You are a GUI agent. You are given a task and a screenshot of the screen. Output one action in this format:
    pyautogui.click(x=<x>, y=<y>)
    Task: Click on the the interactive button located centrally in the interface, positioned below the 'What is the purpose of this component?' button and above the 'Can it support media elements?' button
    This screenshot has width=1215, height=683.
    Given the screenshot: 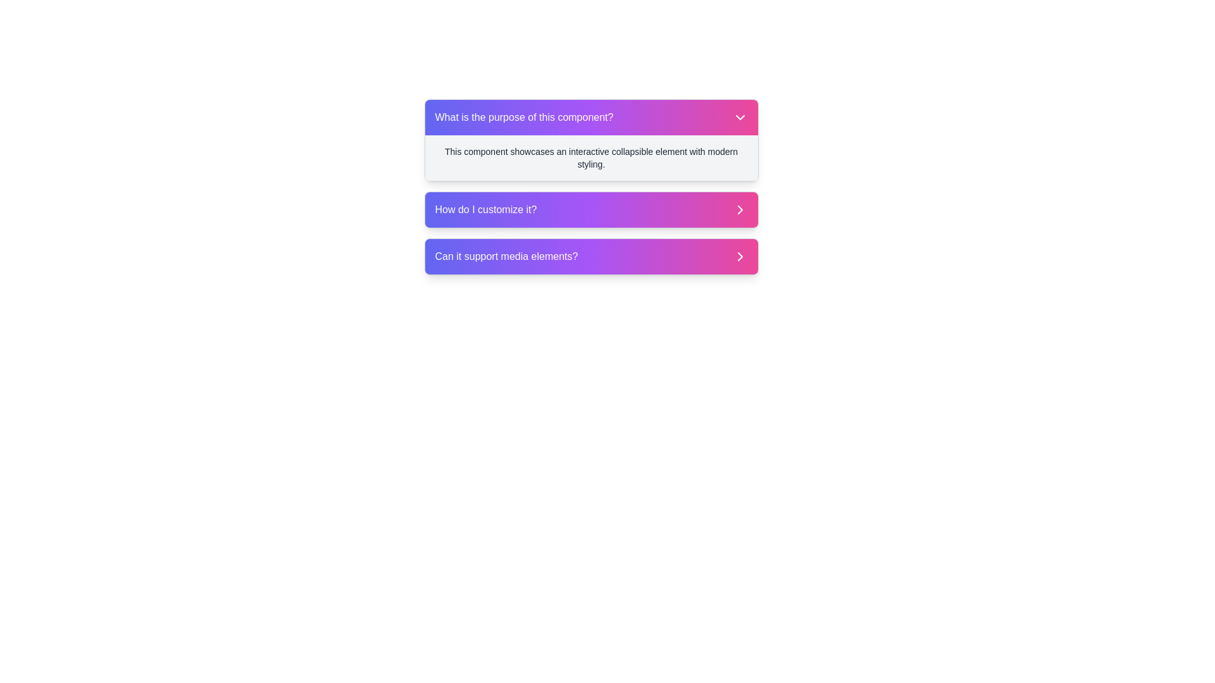 What is the action you would take?
    pyautogui.click(x=590, y=209)
    